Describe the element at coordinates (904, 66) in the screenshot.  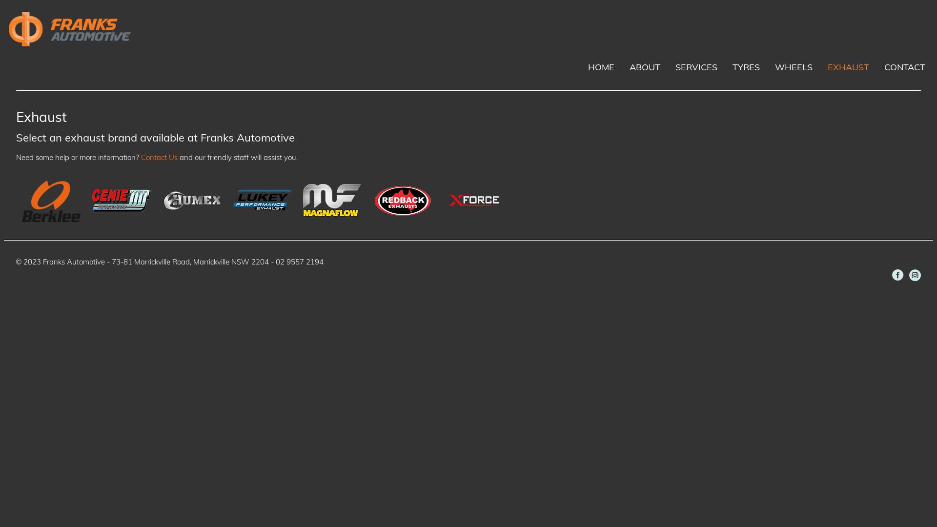
I see `'CONTACT'` at that location.